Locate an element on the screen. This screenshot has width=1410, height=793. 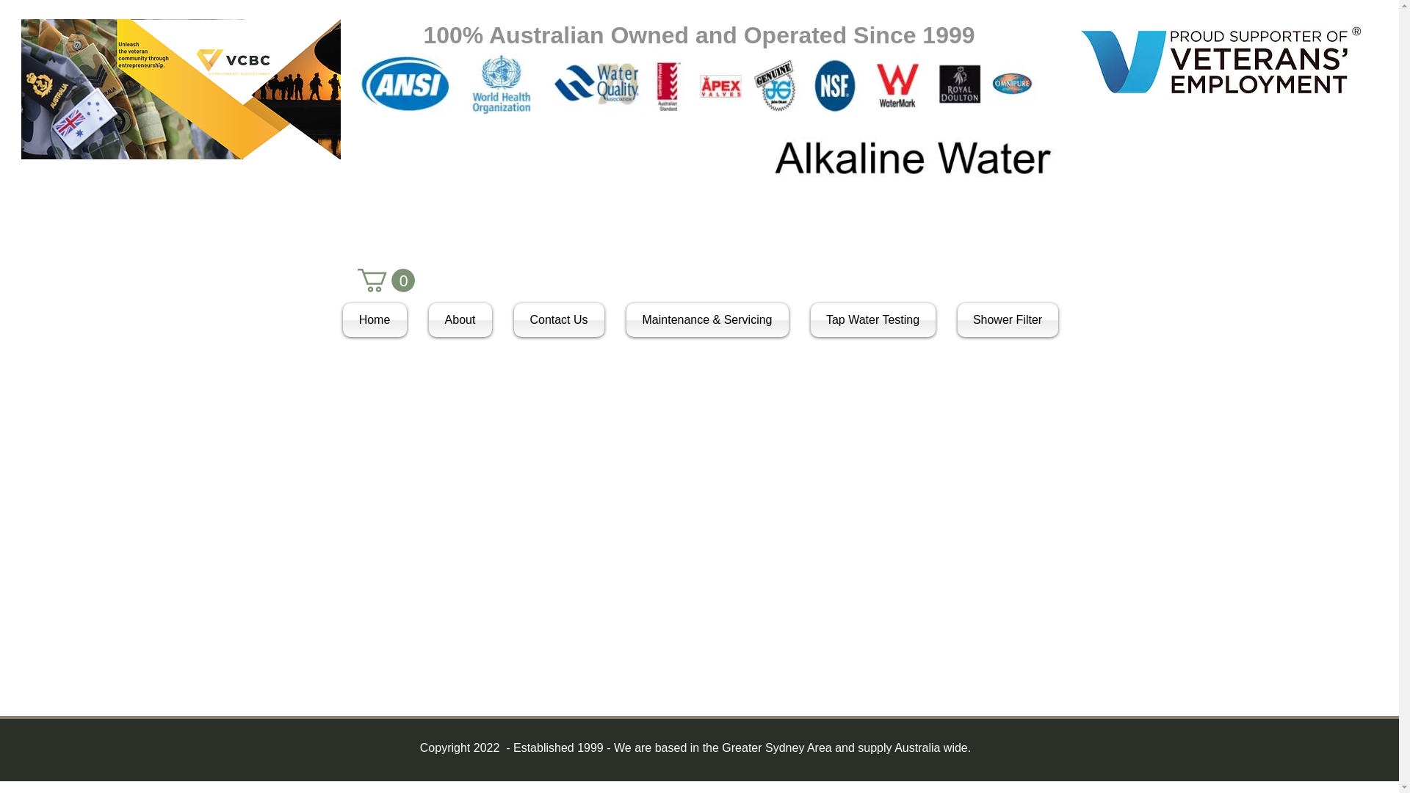
'VCBC Logo.png' is located at coordinates (179, 89).